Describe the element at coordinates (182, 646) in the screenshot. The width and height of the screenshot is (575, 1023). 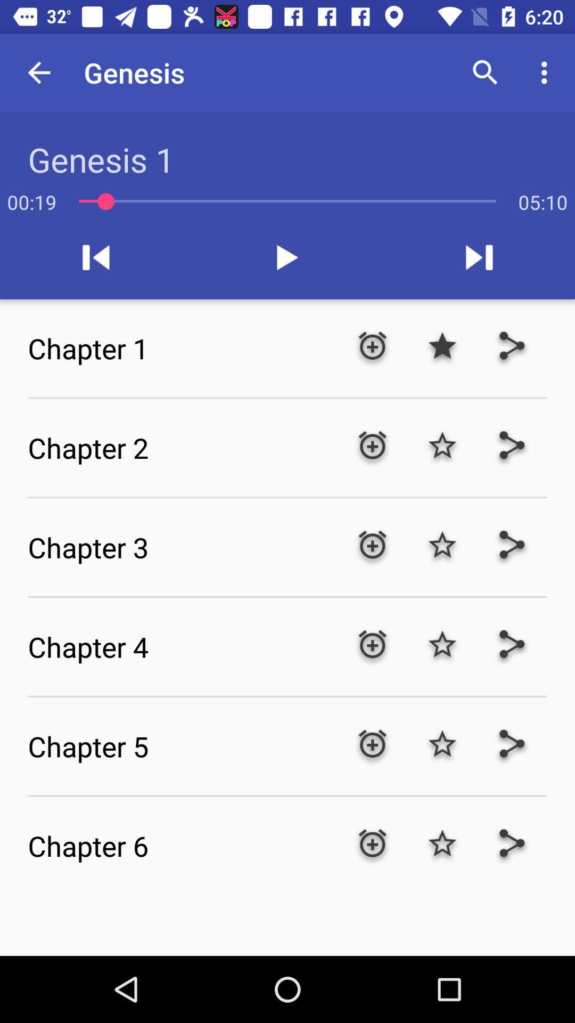
I see `the chapter 4 icon` at that location.